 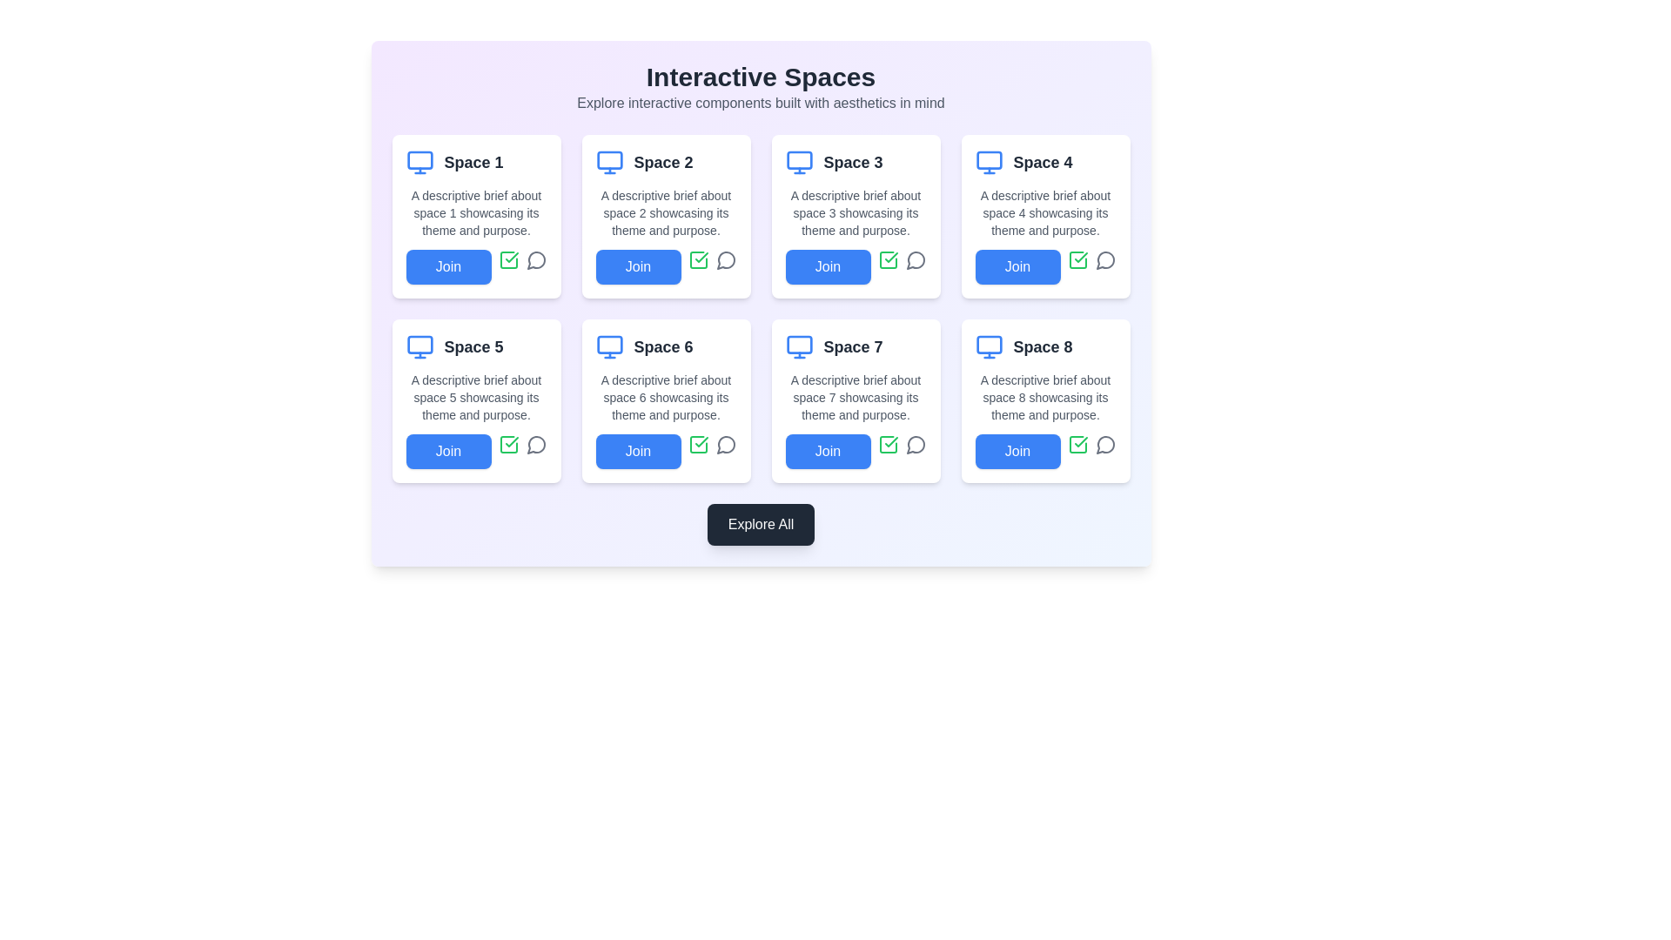 What do you see at coordinates (1044, 397) in the screenshot?
I see `description text styled in small gray font located beneath the title 'Space 8' and above the 'Join' button in the card of 'Space 8'` at bounding box center [1044, 397].